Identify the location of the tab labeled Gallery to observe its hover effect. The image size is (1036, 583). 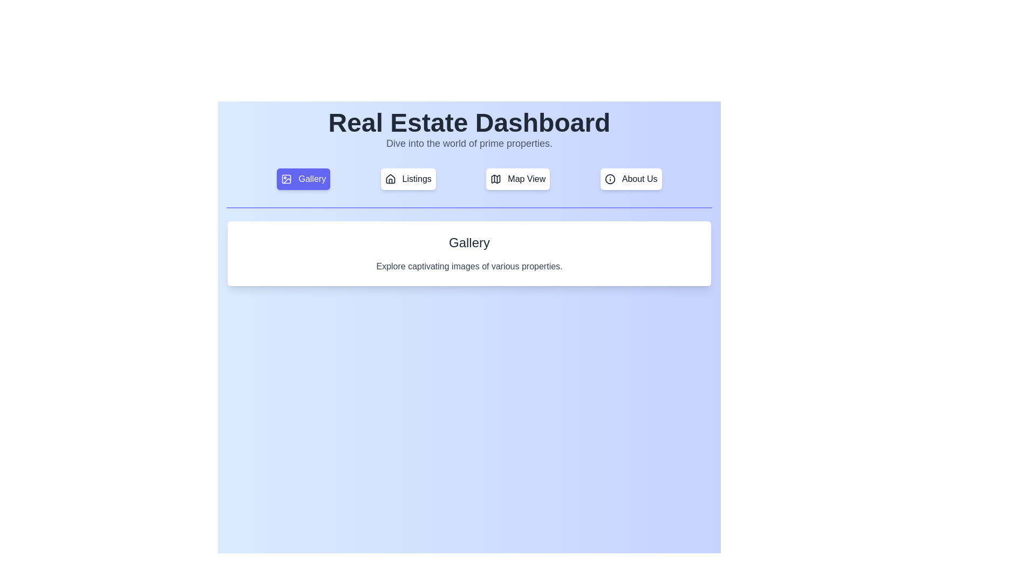
(303, 178).